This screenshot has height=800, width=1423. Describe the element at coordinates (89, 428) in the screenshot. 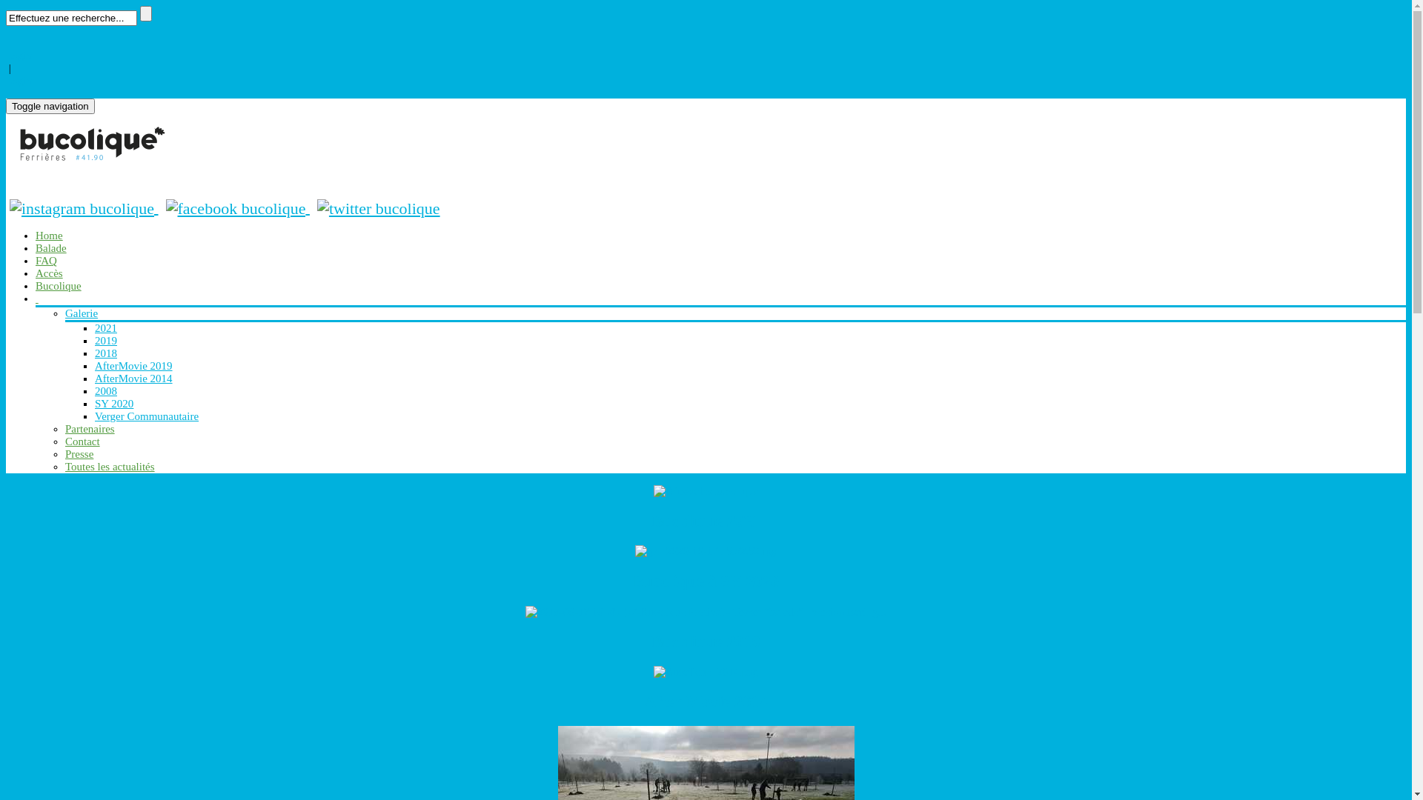

I see `'Partenaires'` at that location.